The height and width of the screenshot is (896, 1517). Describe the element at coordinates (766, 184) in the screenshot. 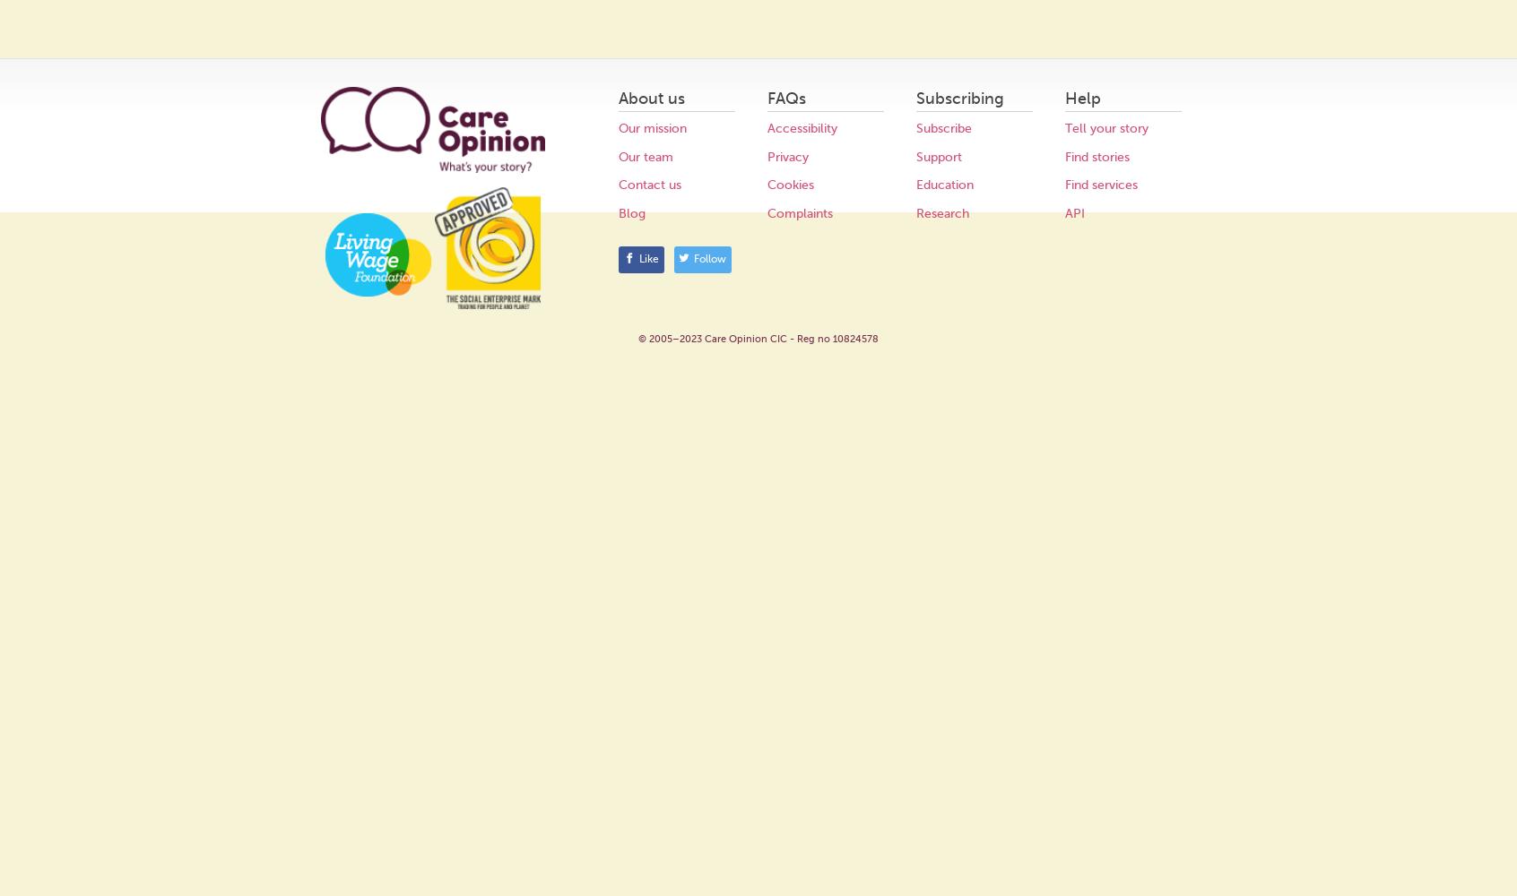

I see `'Cookies'` at that location.